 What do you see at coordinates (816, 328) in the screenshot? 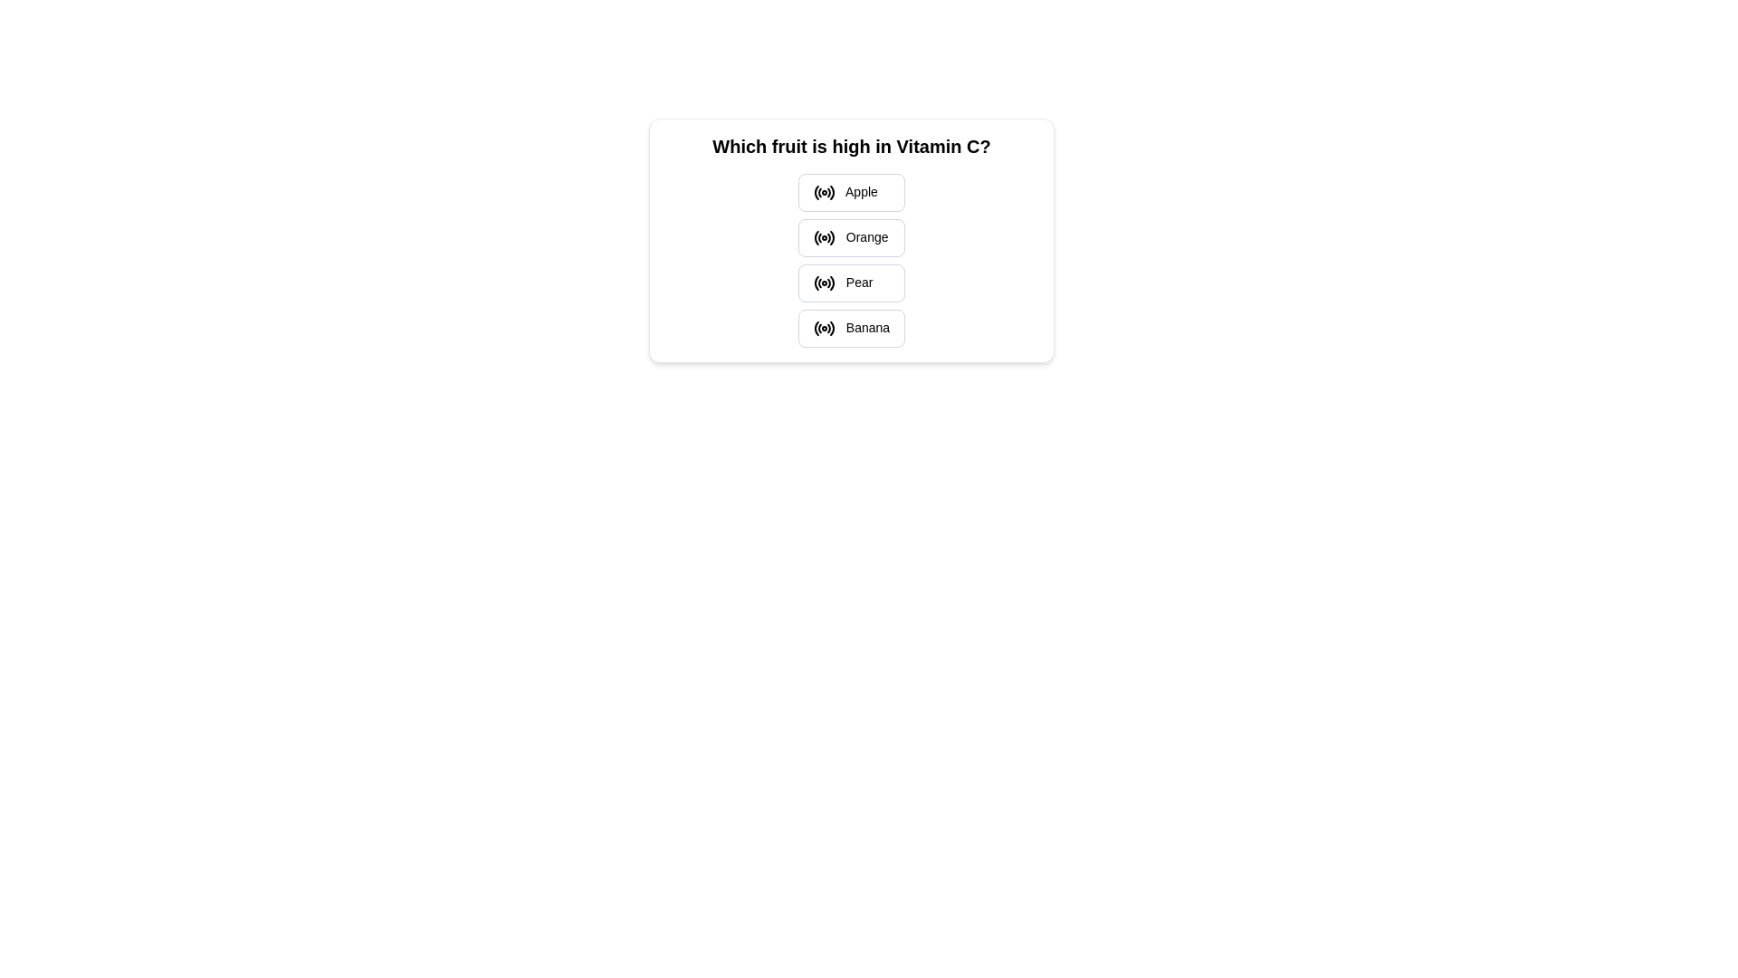
I see `the decorative SVG element of the radio button positioned to the left of the text label 'Banana', which is the fourth option in the list` at bounding box center [816, 328].